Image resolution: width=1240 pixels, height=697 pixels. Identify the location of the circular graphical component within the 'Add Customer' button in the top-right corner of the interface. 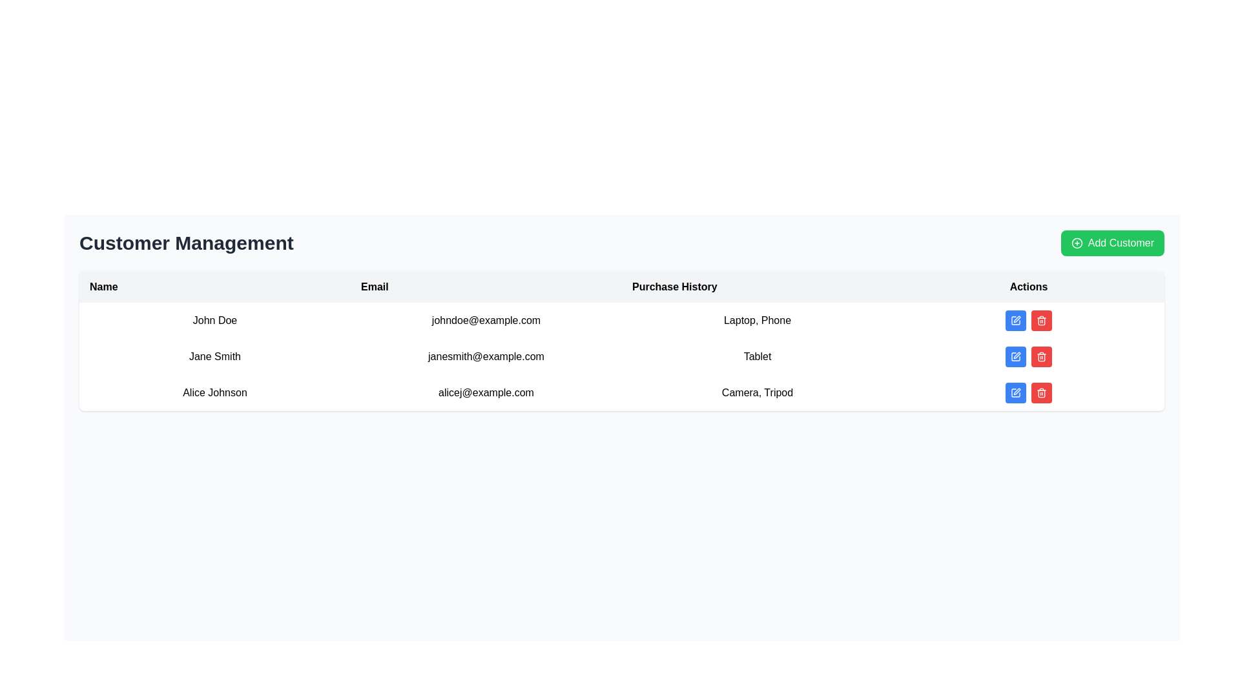
(1077, 243).